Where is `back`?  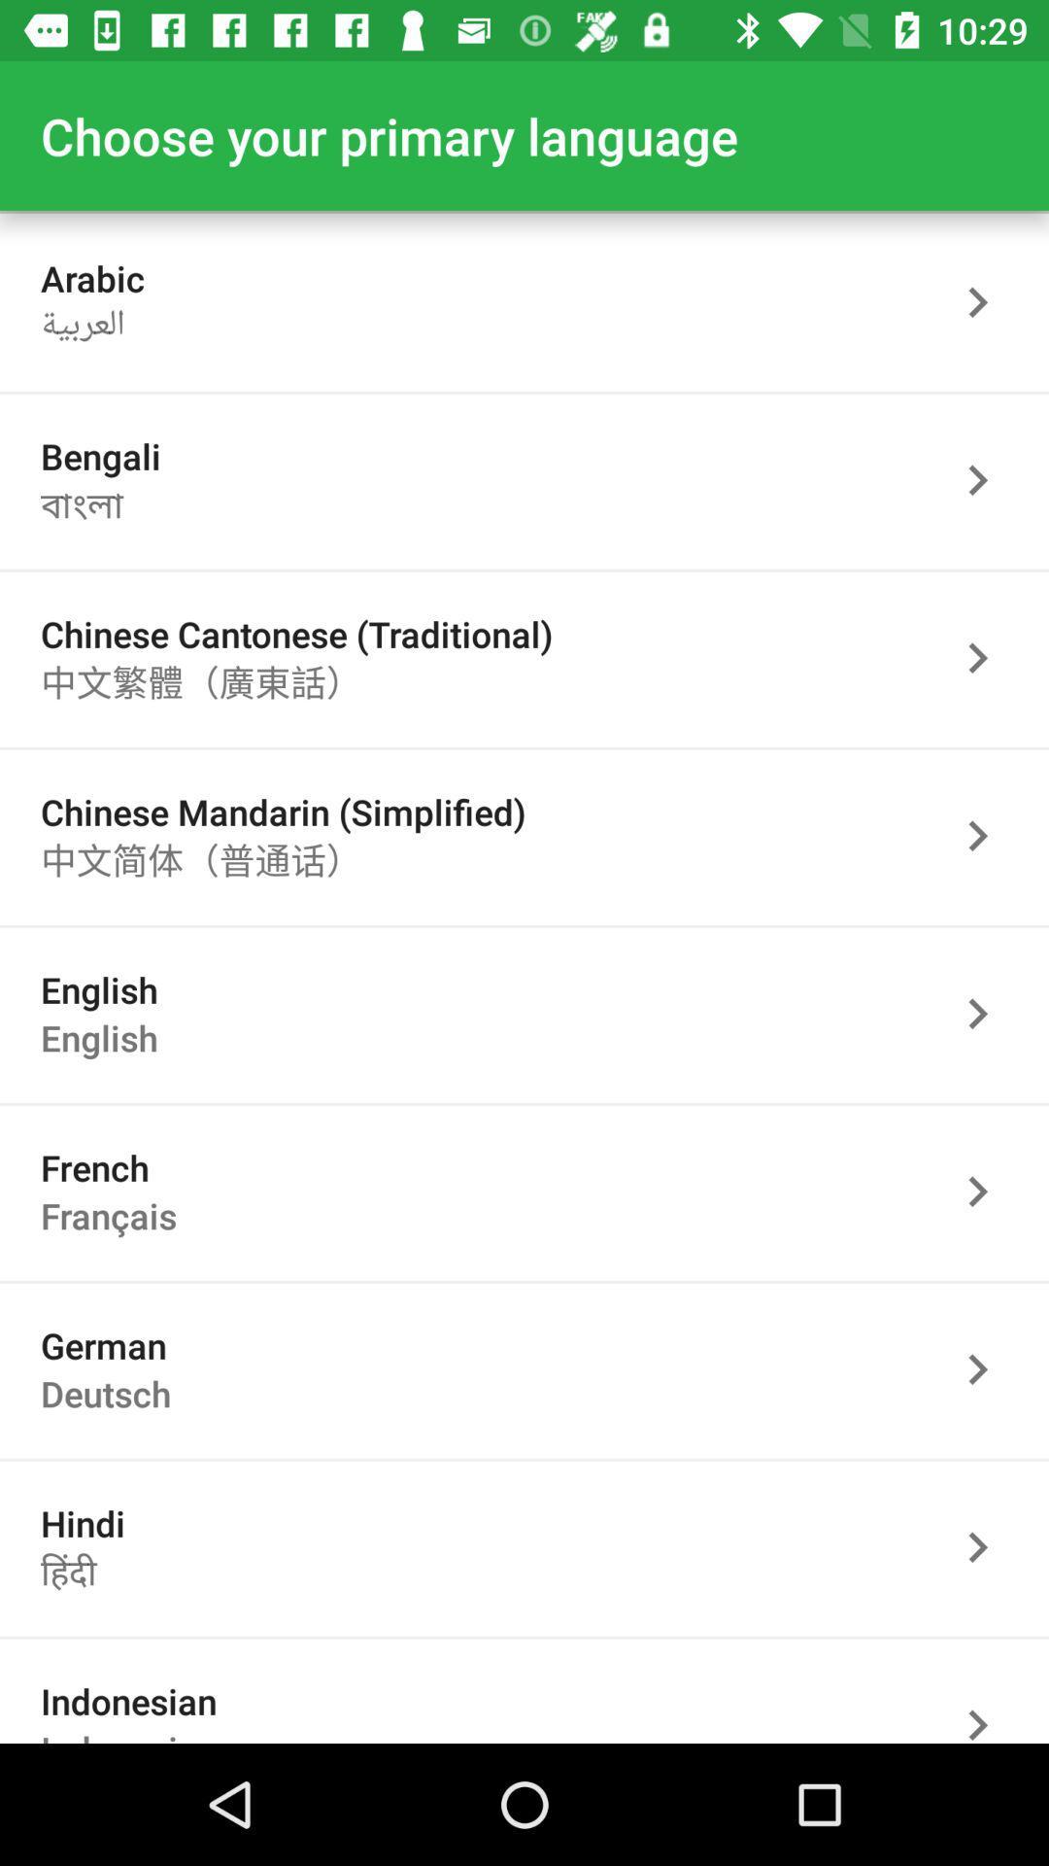 back is located at coordinates (988, 1013).